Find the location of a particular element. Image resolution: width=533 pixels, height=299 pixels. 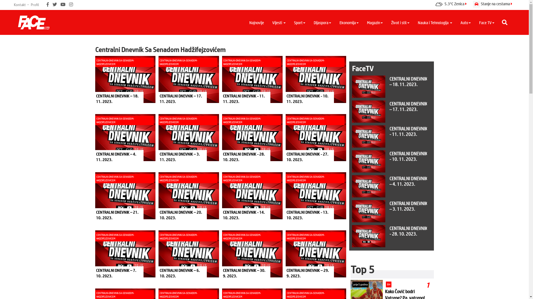

'Profil' is located at coordinates (34, 4).